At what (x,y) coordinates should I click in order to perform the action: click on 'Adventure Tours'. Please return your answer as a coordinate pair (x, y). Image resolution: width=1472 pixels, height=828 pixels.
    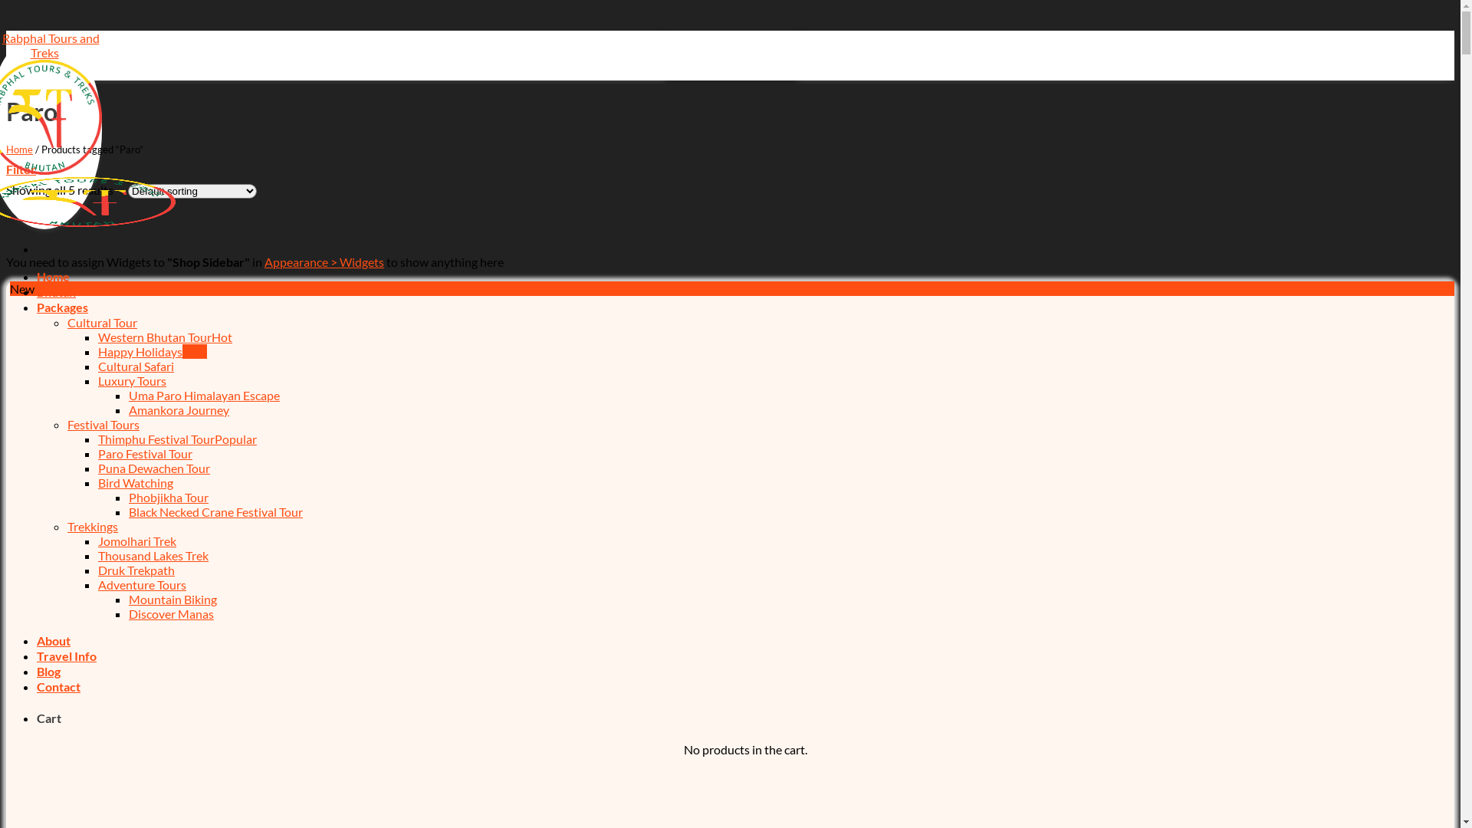
    Looking at the image, I should click on (97, 584).